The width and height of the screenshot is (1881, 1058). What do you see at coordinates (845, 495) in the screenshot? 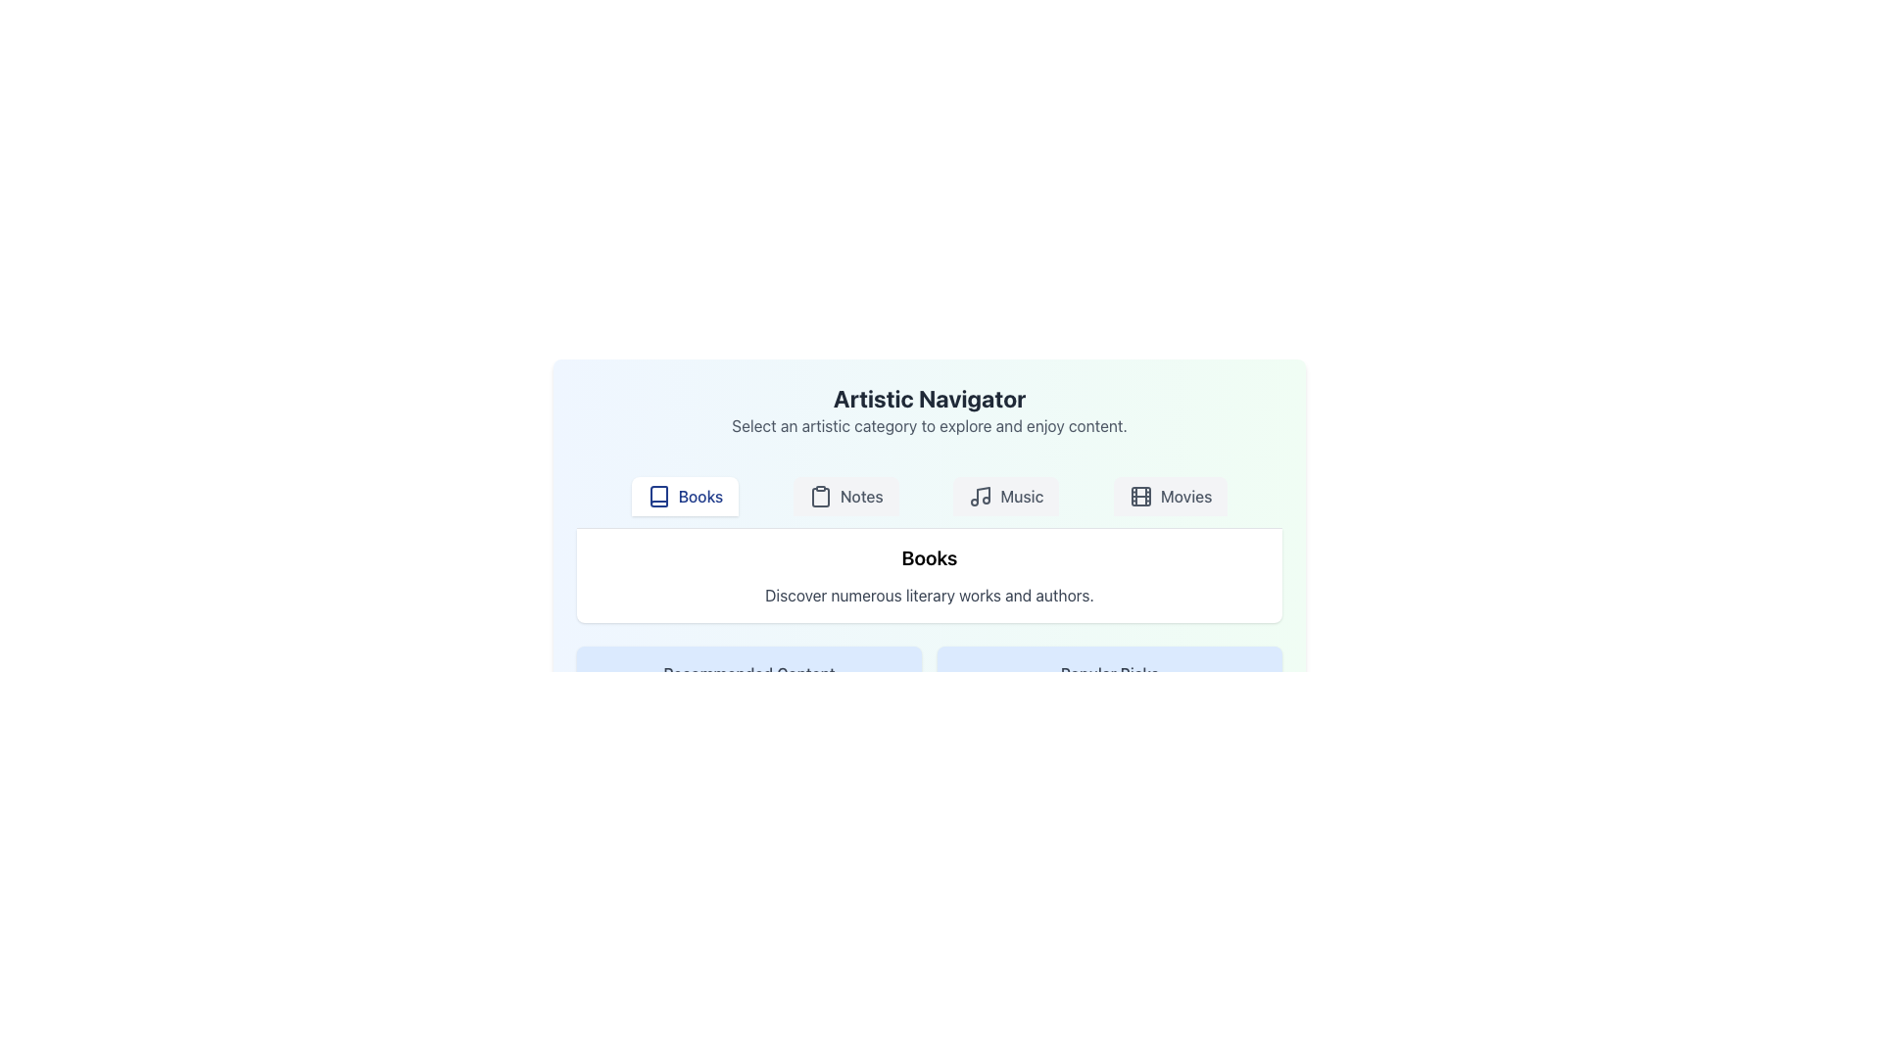
I see `the navigation button that directs the user to the 'Notes' section, which is the second item from the left in the navigation bar, positioned between 'Books' and 'Music'` at bounding box center [845, 495].